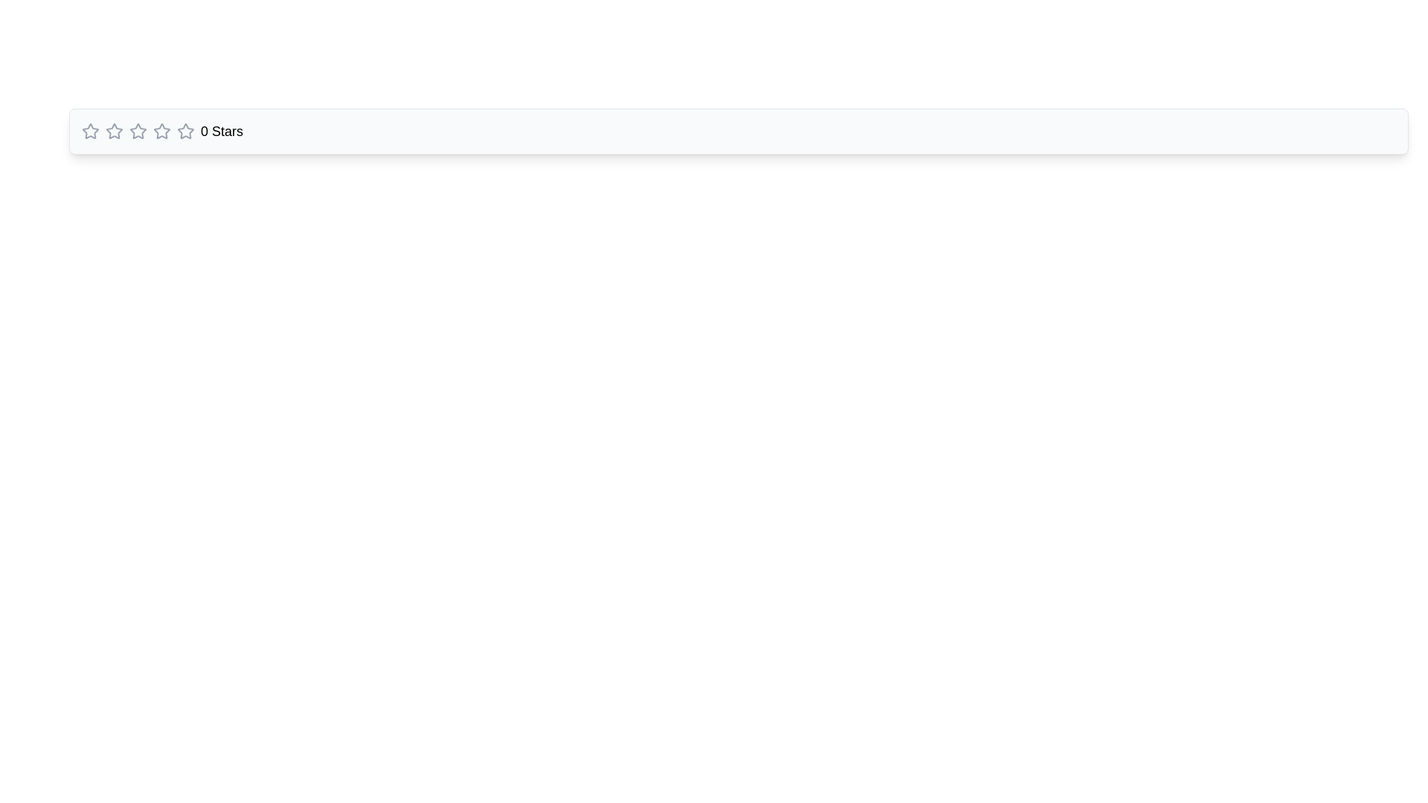 The width and height of the screenshot is (1428, 803). Describe the element at coordinates (184, 130) in the screenshot. I see `the second star from the left in the rating bar` at that location.